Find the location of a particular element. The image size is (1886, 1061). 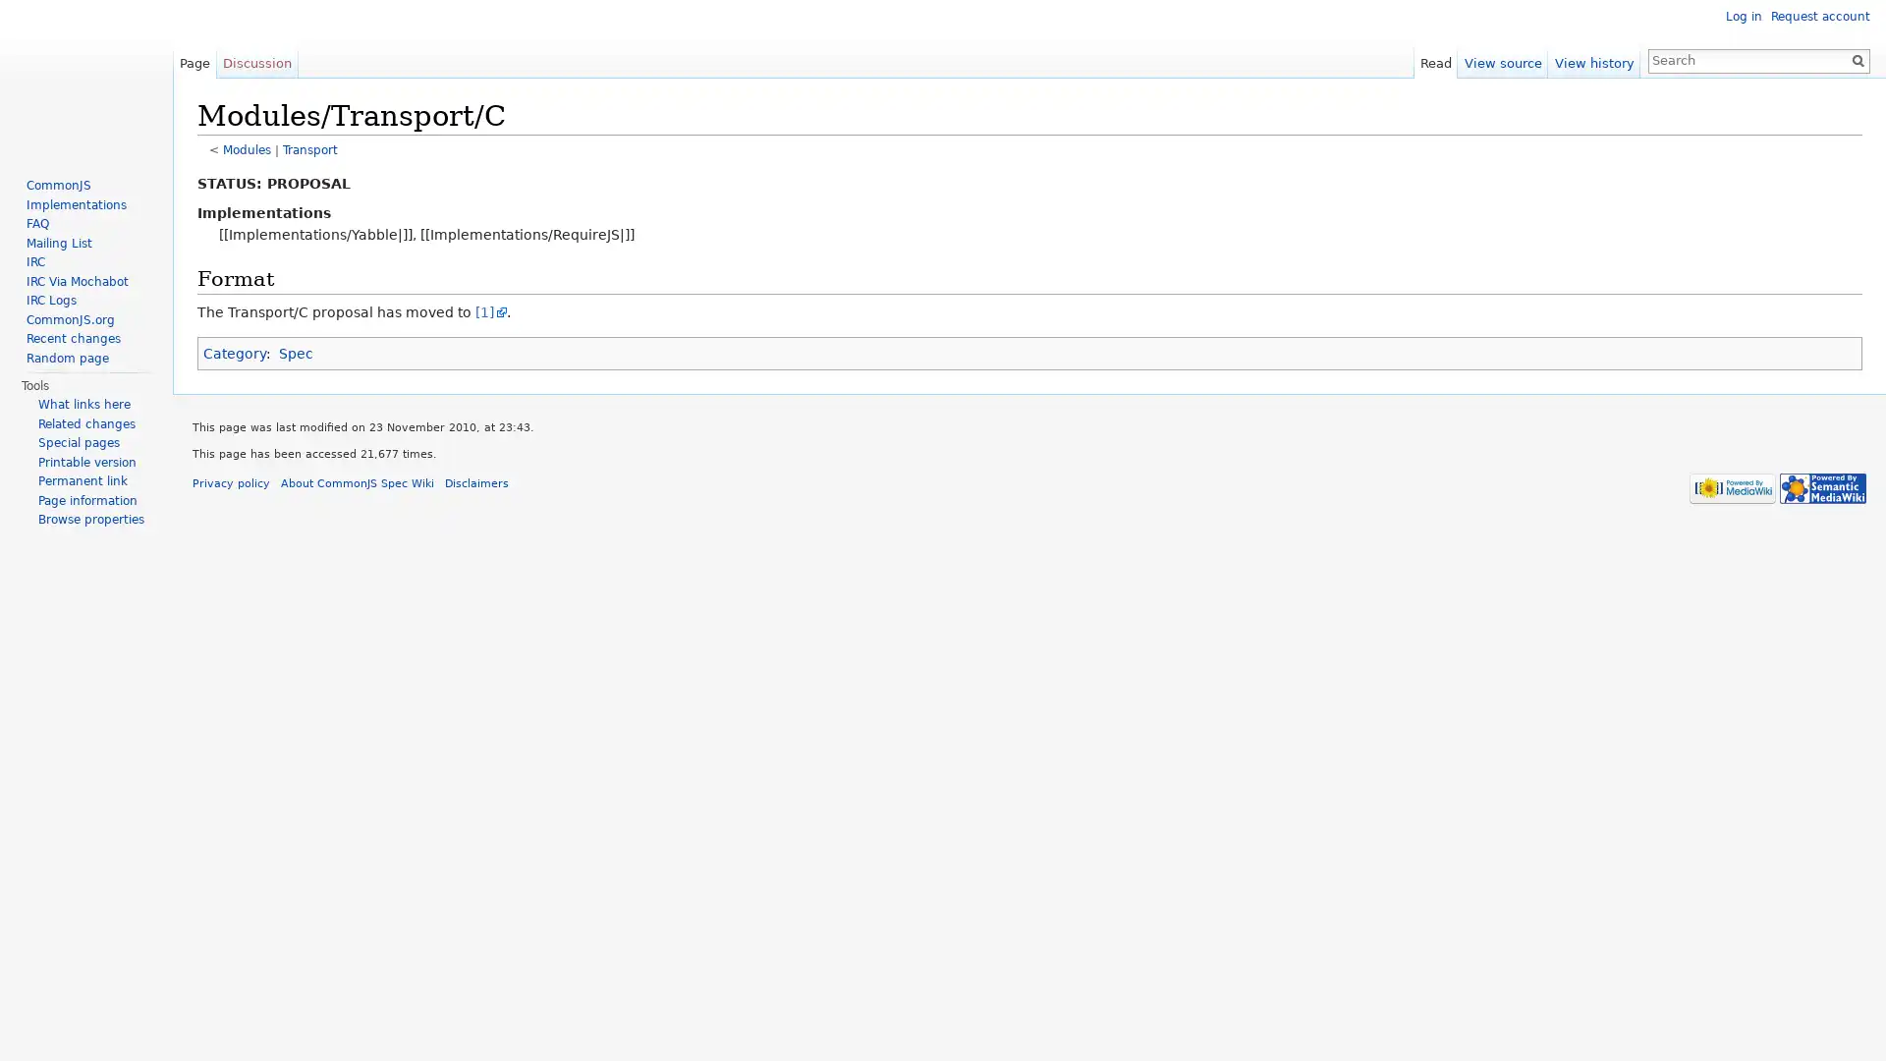

Search is located at coordinates (1857, 59).